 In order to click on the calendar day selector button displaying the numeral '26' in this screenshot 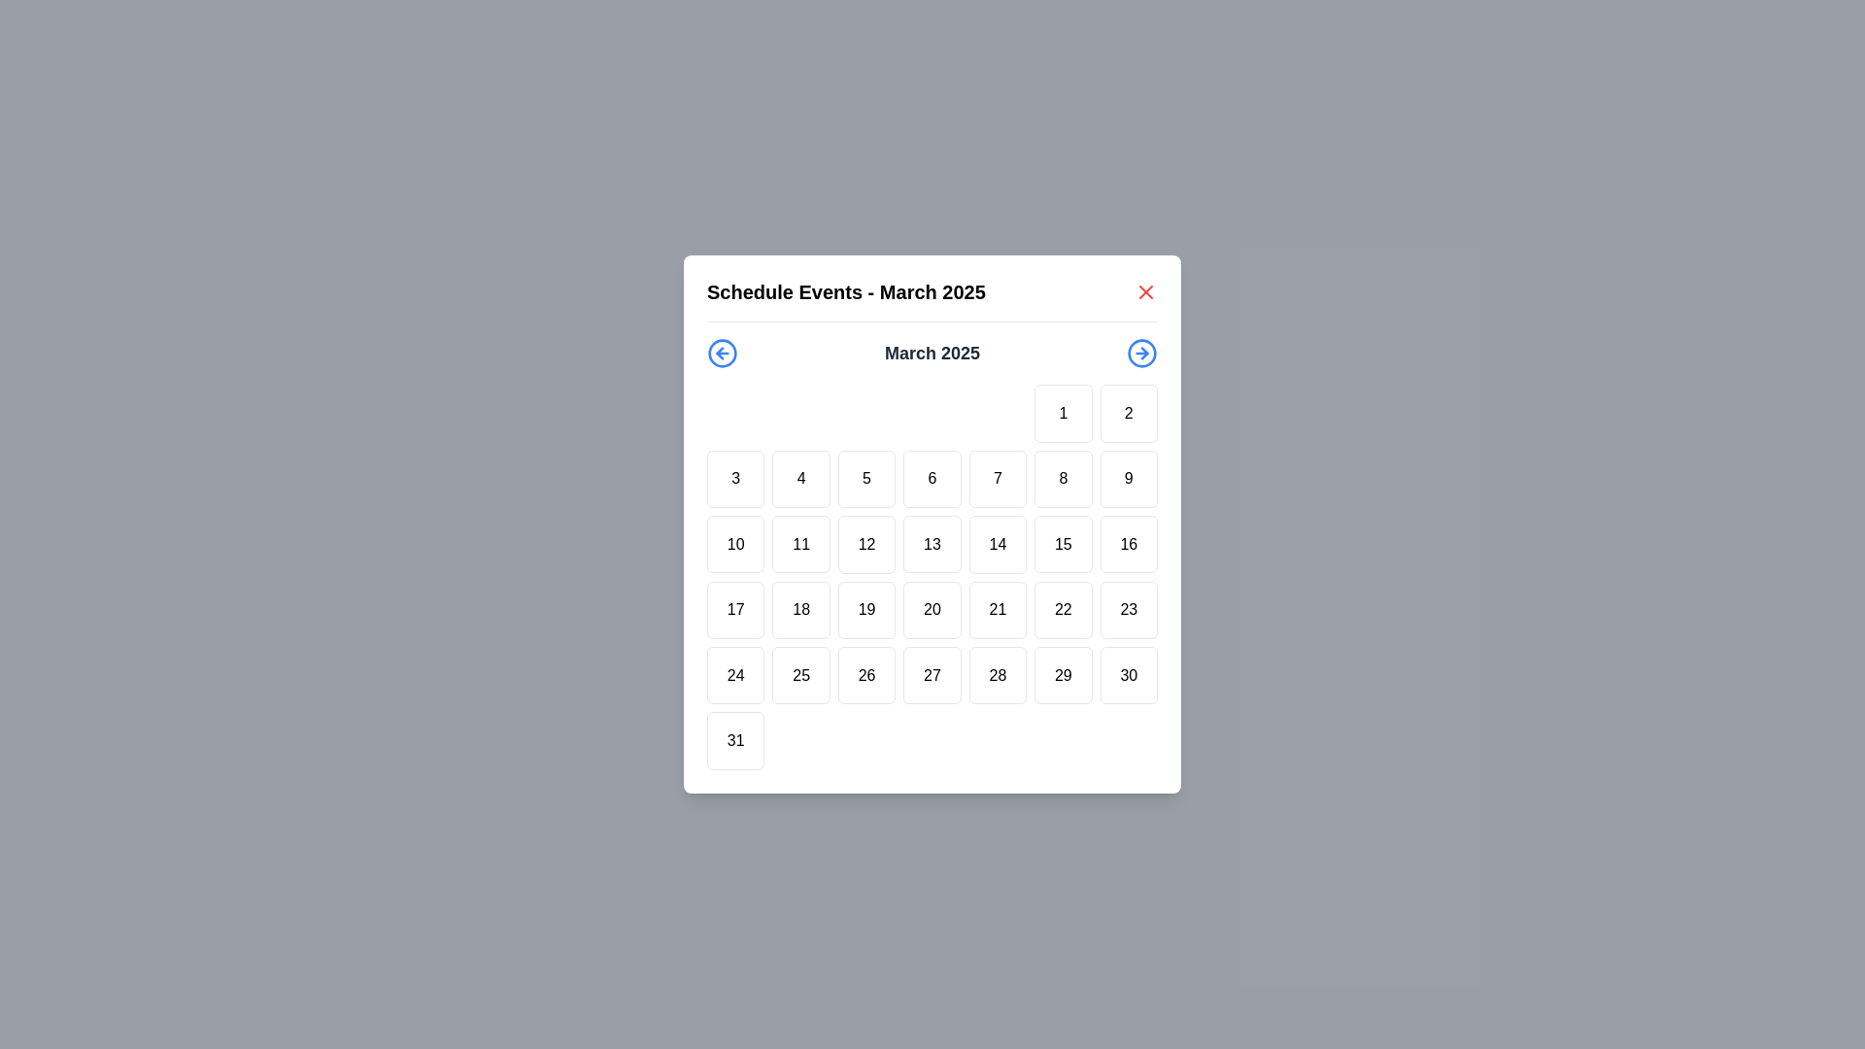, I will do `click(865, 674)`.